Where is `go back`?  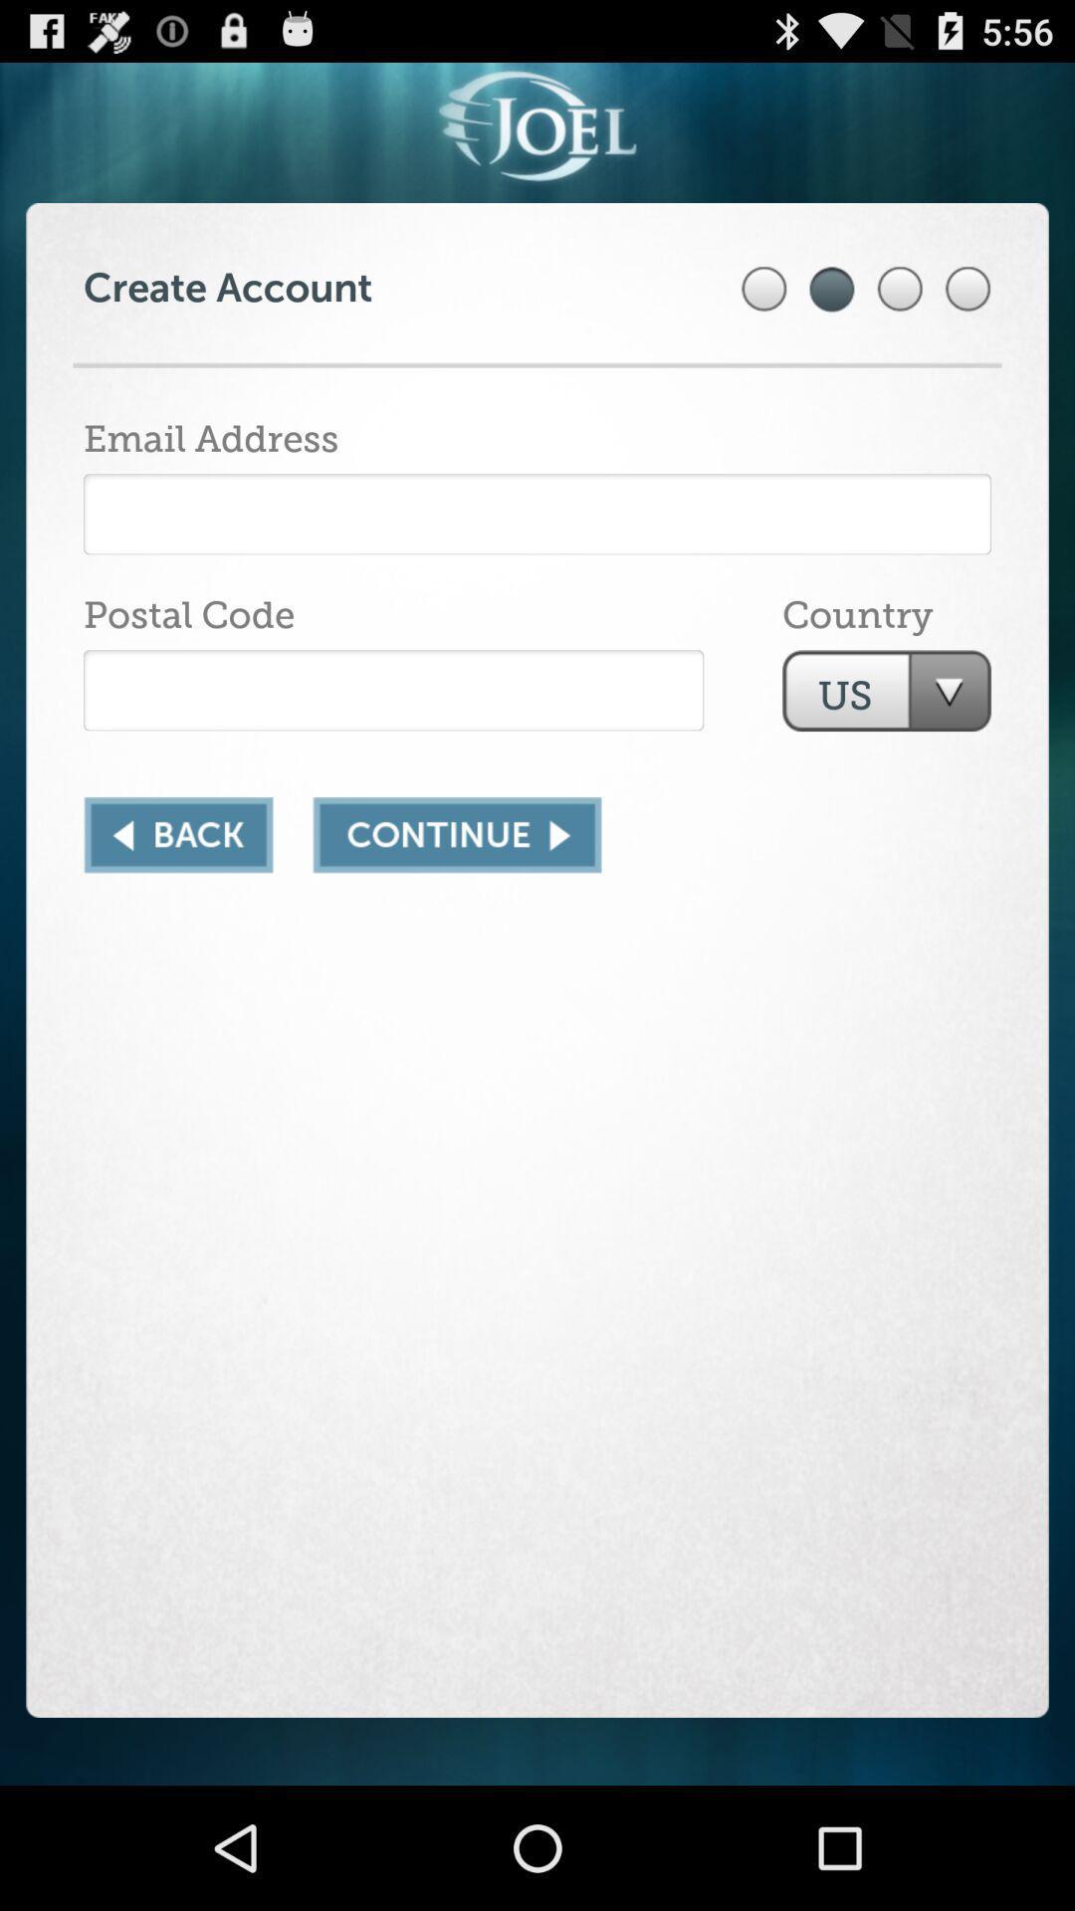 go back is located at coordinates (177, 835).